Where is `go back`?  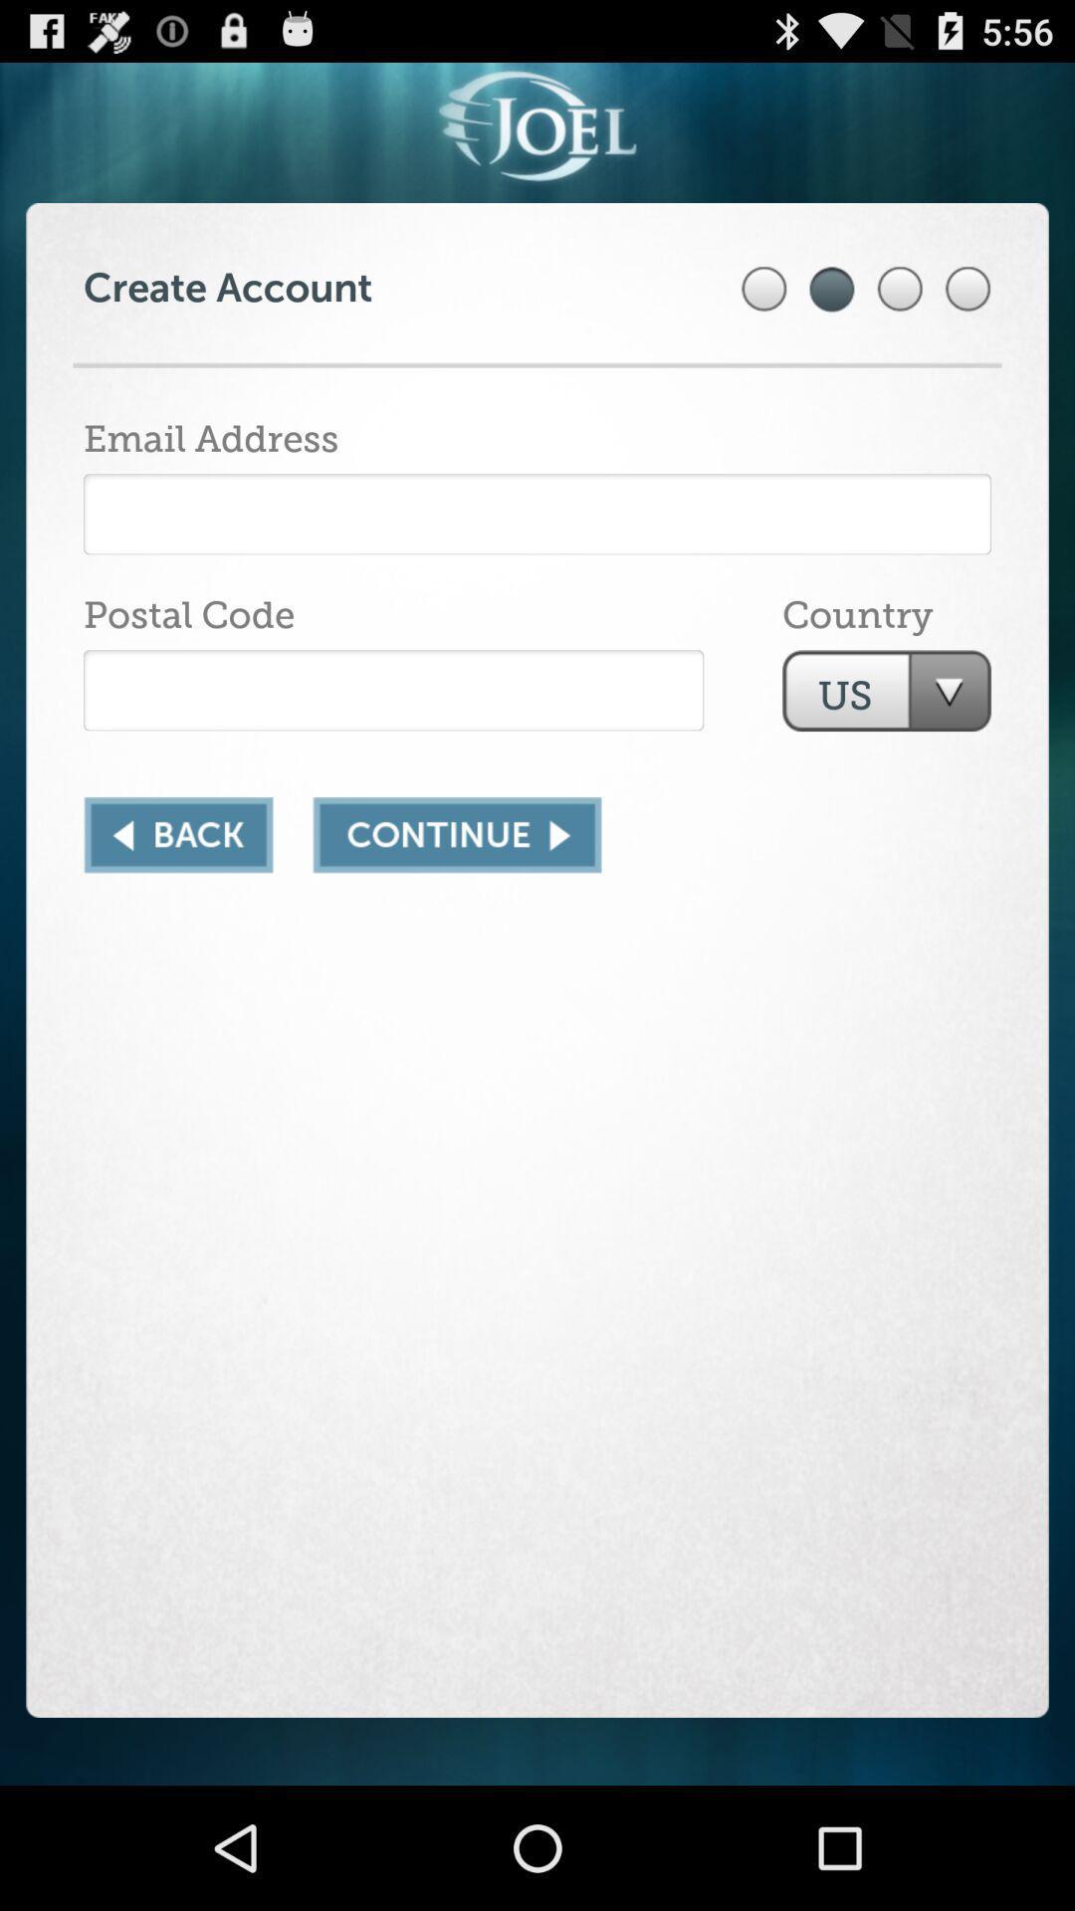 go back is located at coordinates (177, 835).